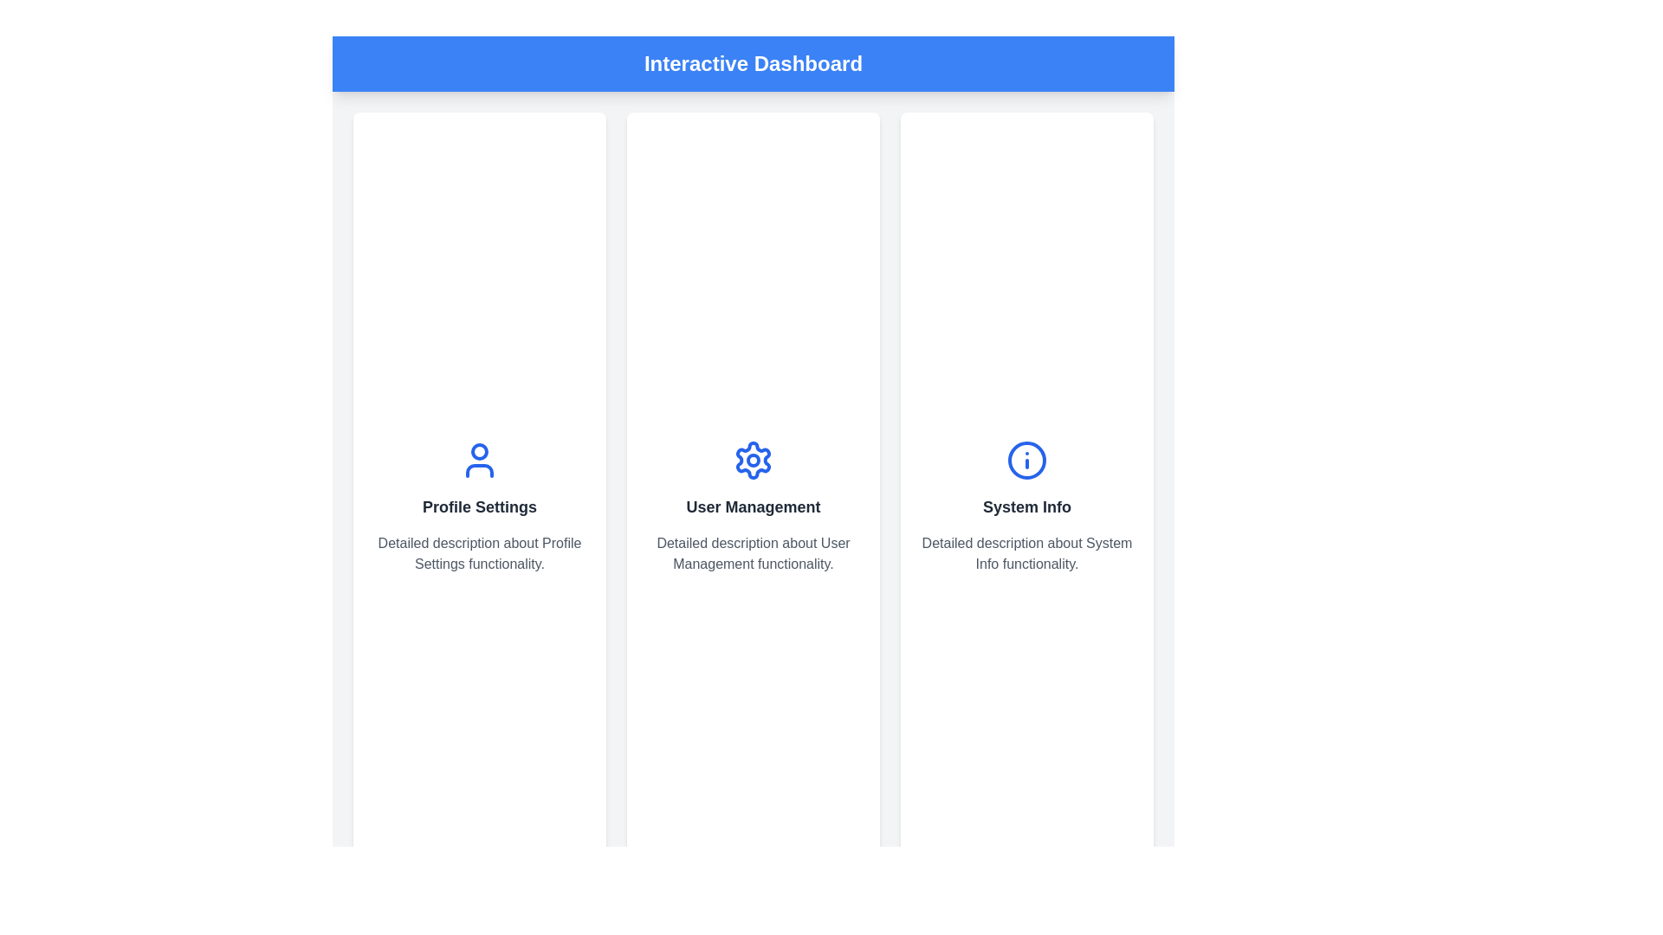 This screenshot has width=1663, height=935. What do you see at coordinates (753, 460) in the screenshot?
I see `the gear-shaped icon located above the text 'User Management' in the middle panel of the user management section` at bounding box center [753, 460].